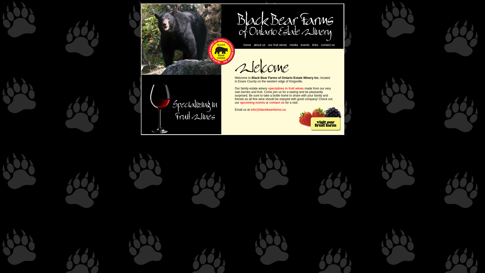  I want to click on 'events', so click(301, 44).